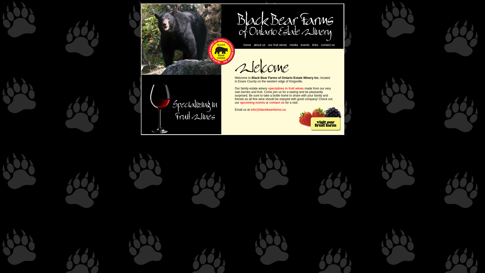  I want to click on 'events', so click(301, 44).